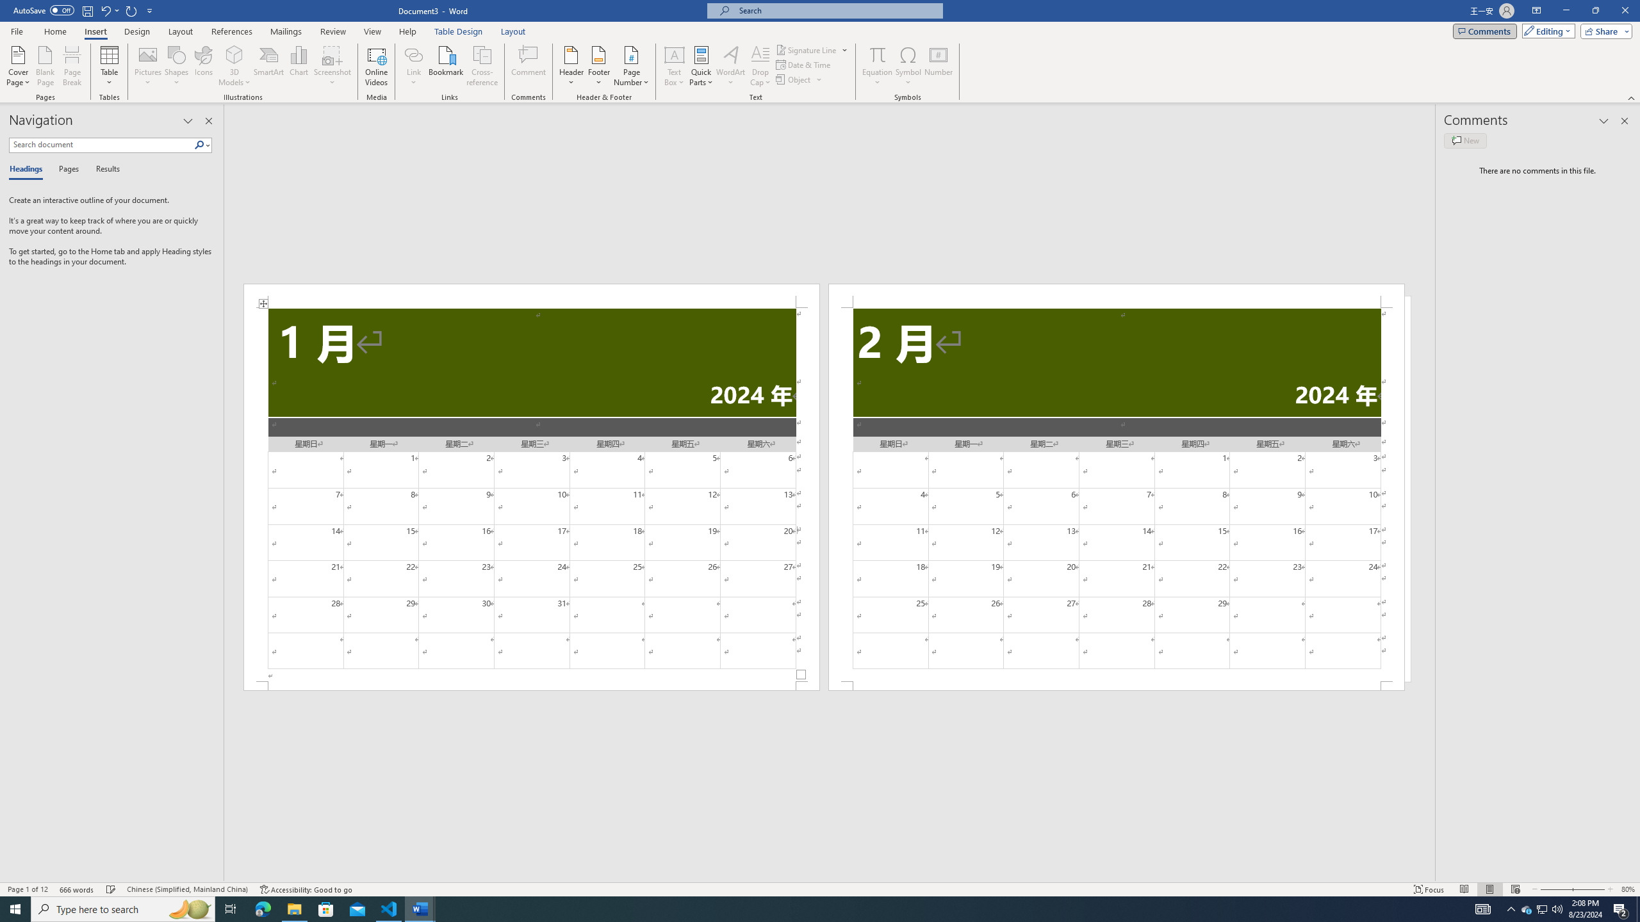 The width and height of the screenshot is (1640, 922). What do you see at coordinates (530, 495) in the screenshot?
I see `'Page 1 content'` at bounding box center [530, 495].